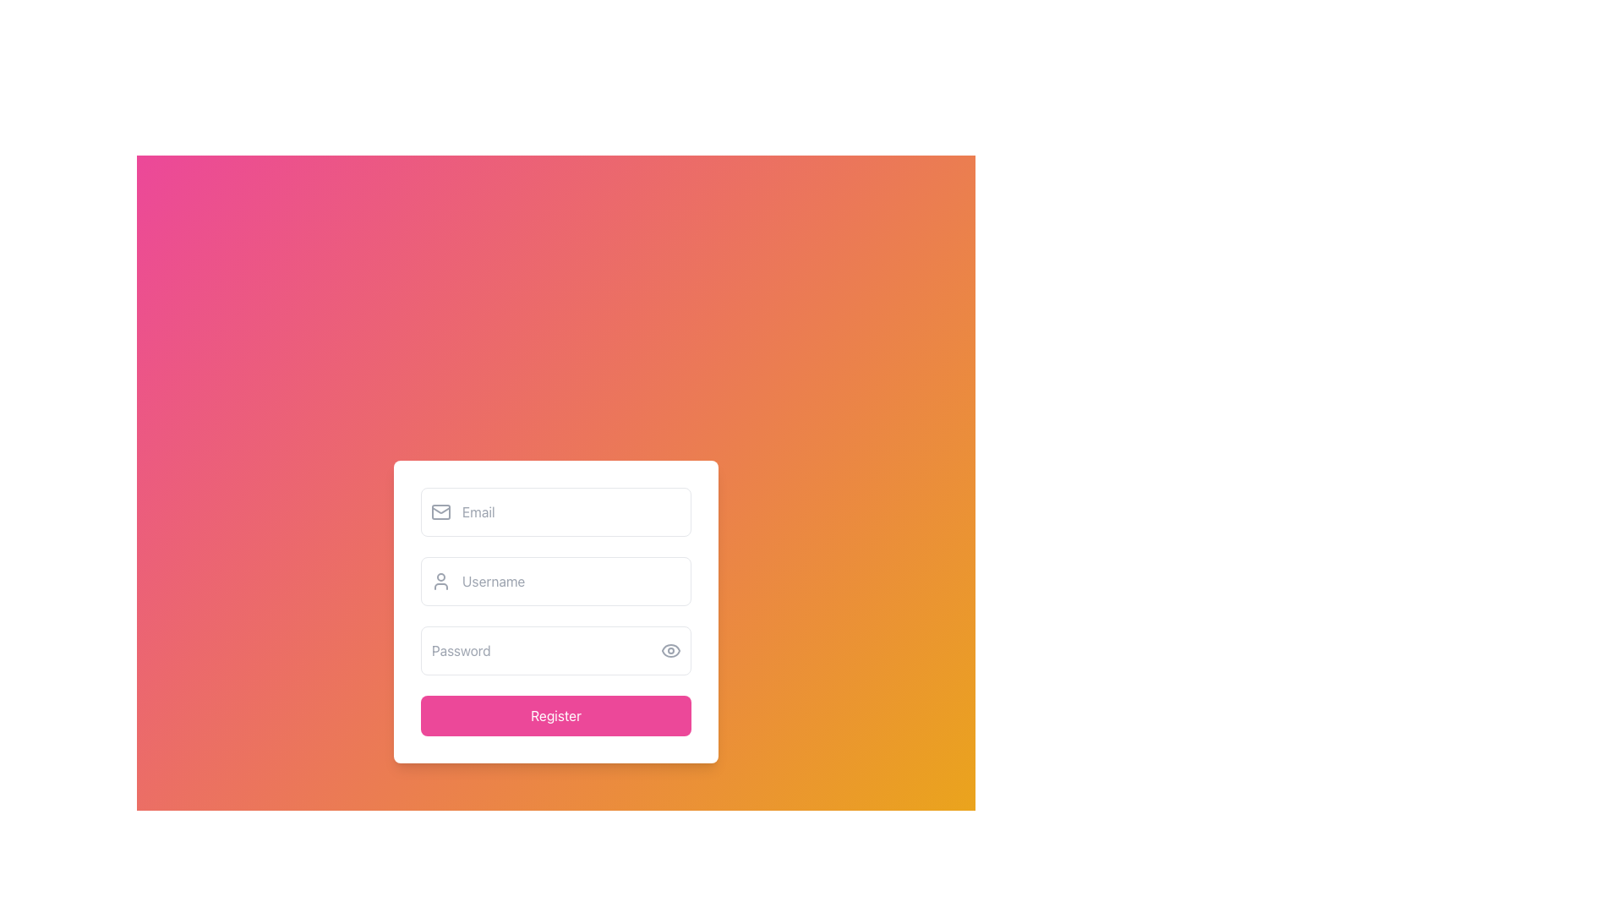  Describe the element at coordinates (441, 511) in the screenshot. I see `the rectangular icon within the mail icon in the email form field, located at the top-left corner of the form field` at that location.